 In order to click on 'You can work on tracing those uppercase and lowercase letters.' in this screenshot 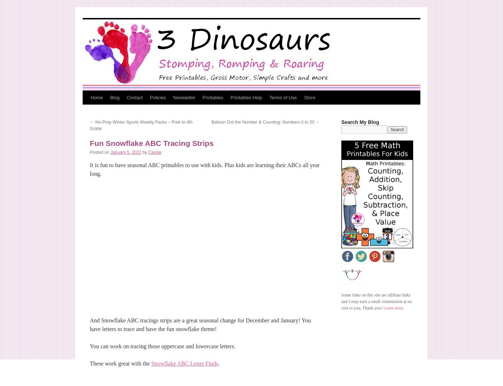, I will do `click(162, 346)`.